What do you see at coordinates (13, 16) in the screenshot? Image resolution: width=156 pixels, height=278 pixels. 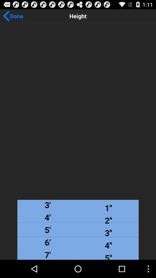 I see `item to the left of height app` at bounding box center [13, 16].